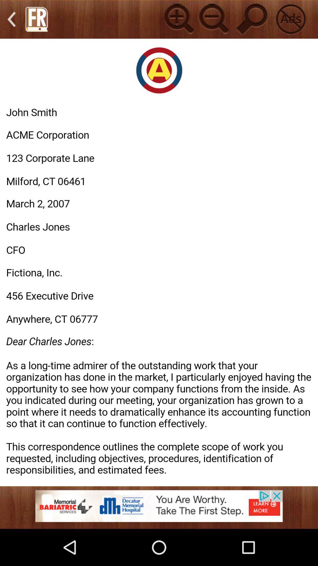 This screenshot has height=566, width=318. Describe the element at coordinates (290, 19) in the screenshot. I see `stop advertisements` at that location.